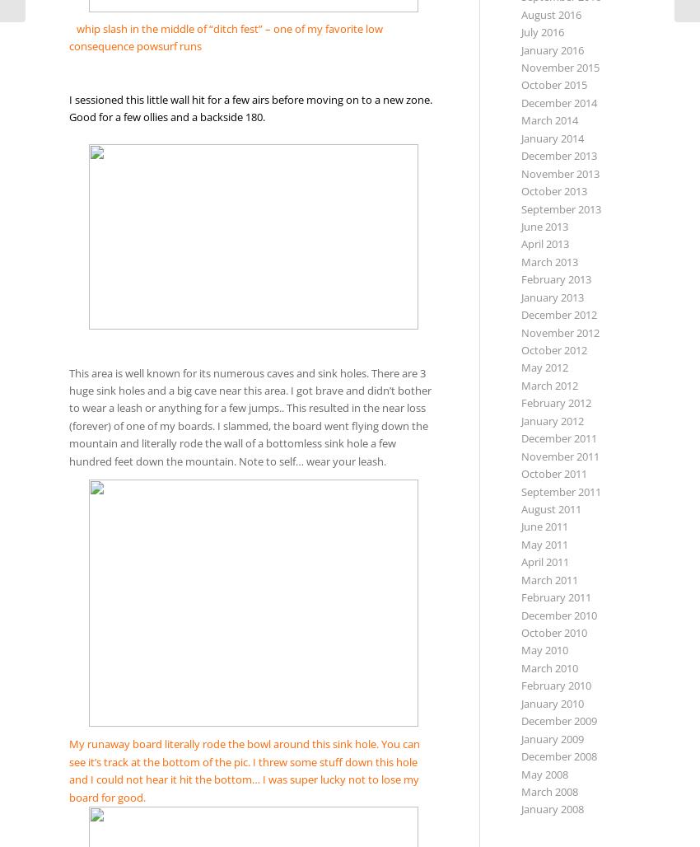 This screenshot has height=847, width=700. Describe the element at coordinates (544, 773) in the screenshot. I see `'May 2008'` at that location.